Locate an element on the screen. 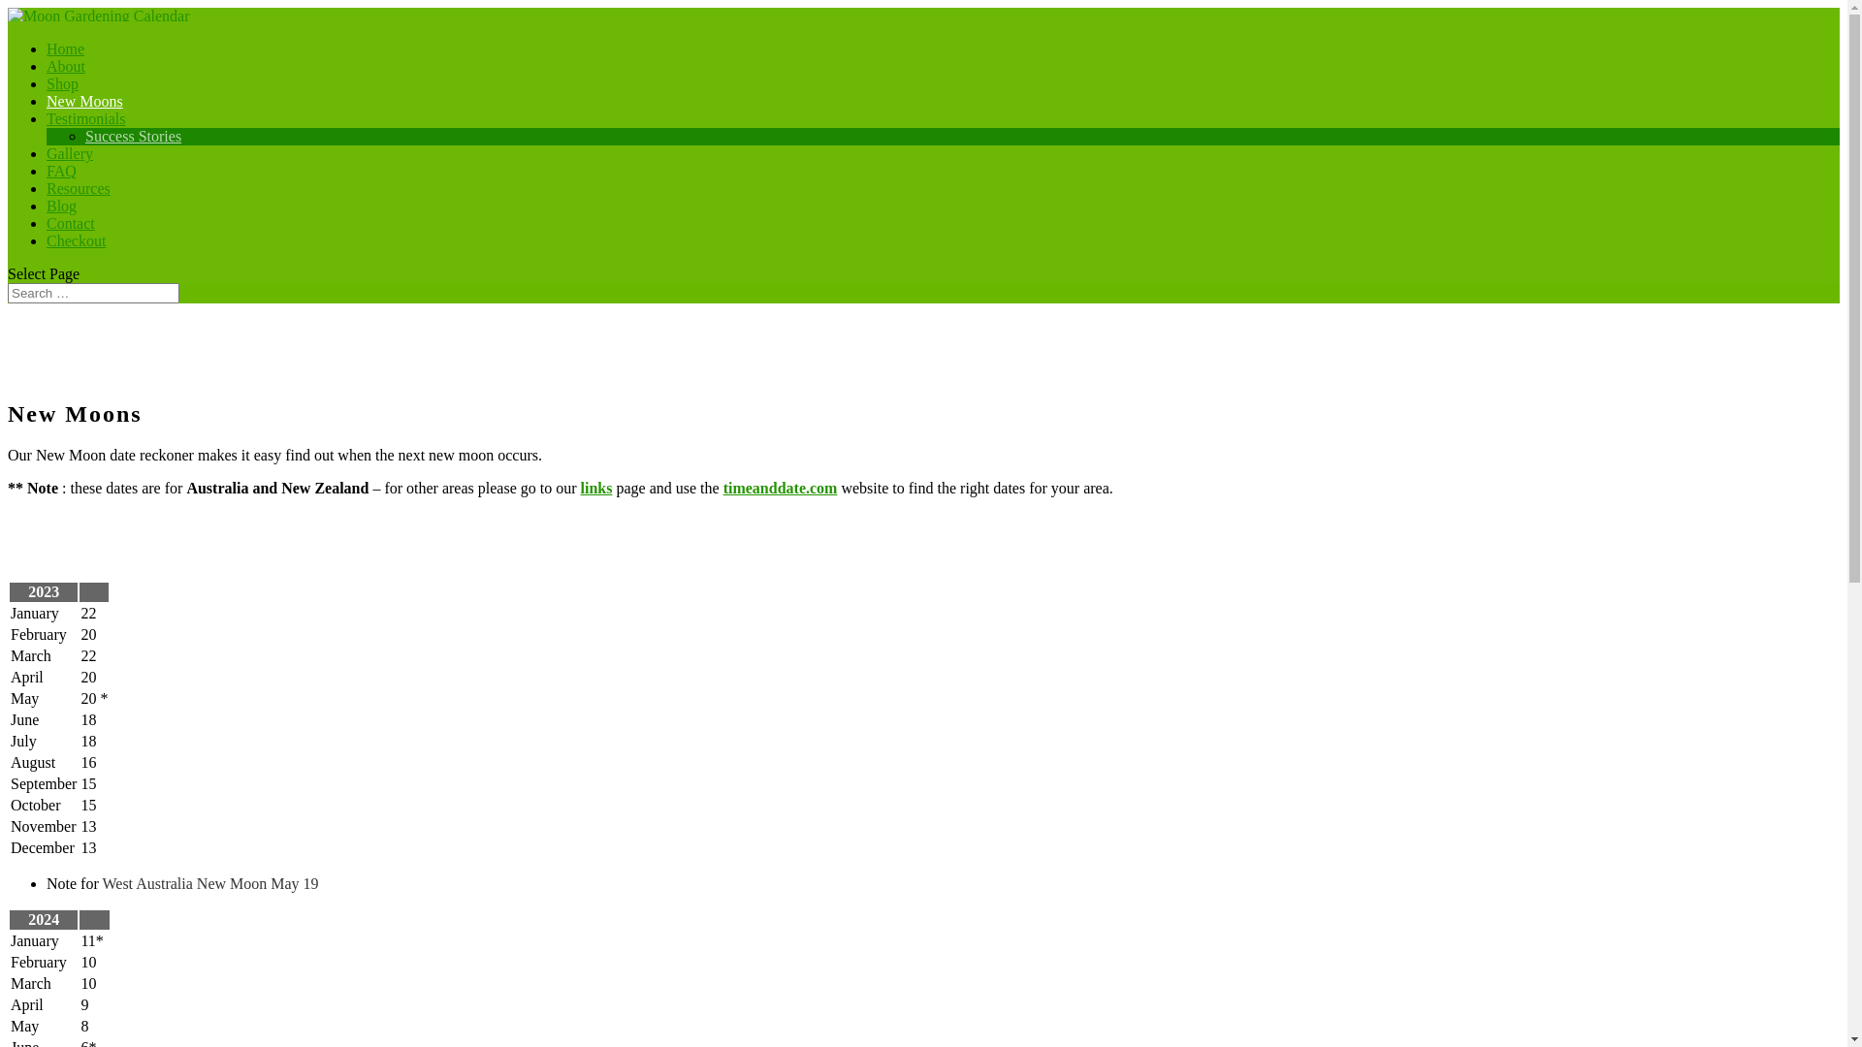  'links' is located at coordinates (595, 487).